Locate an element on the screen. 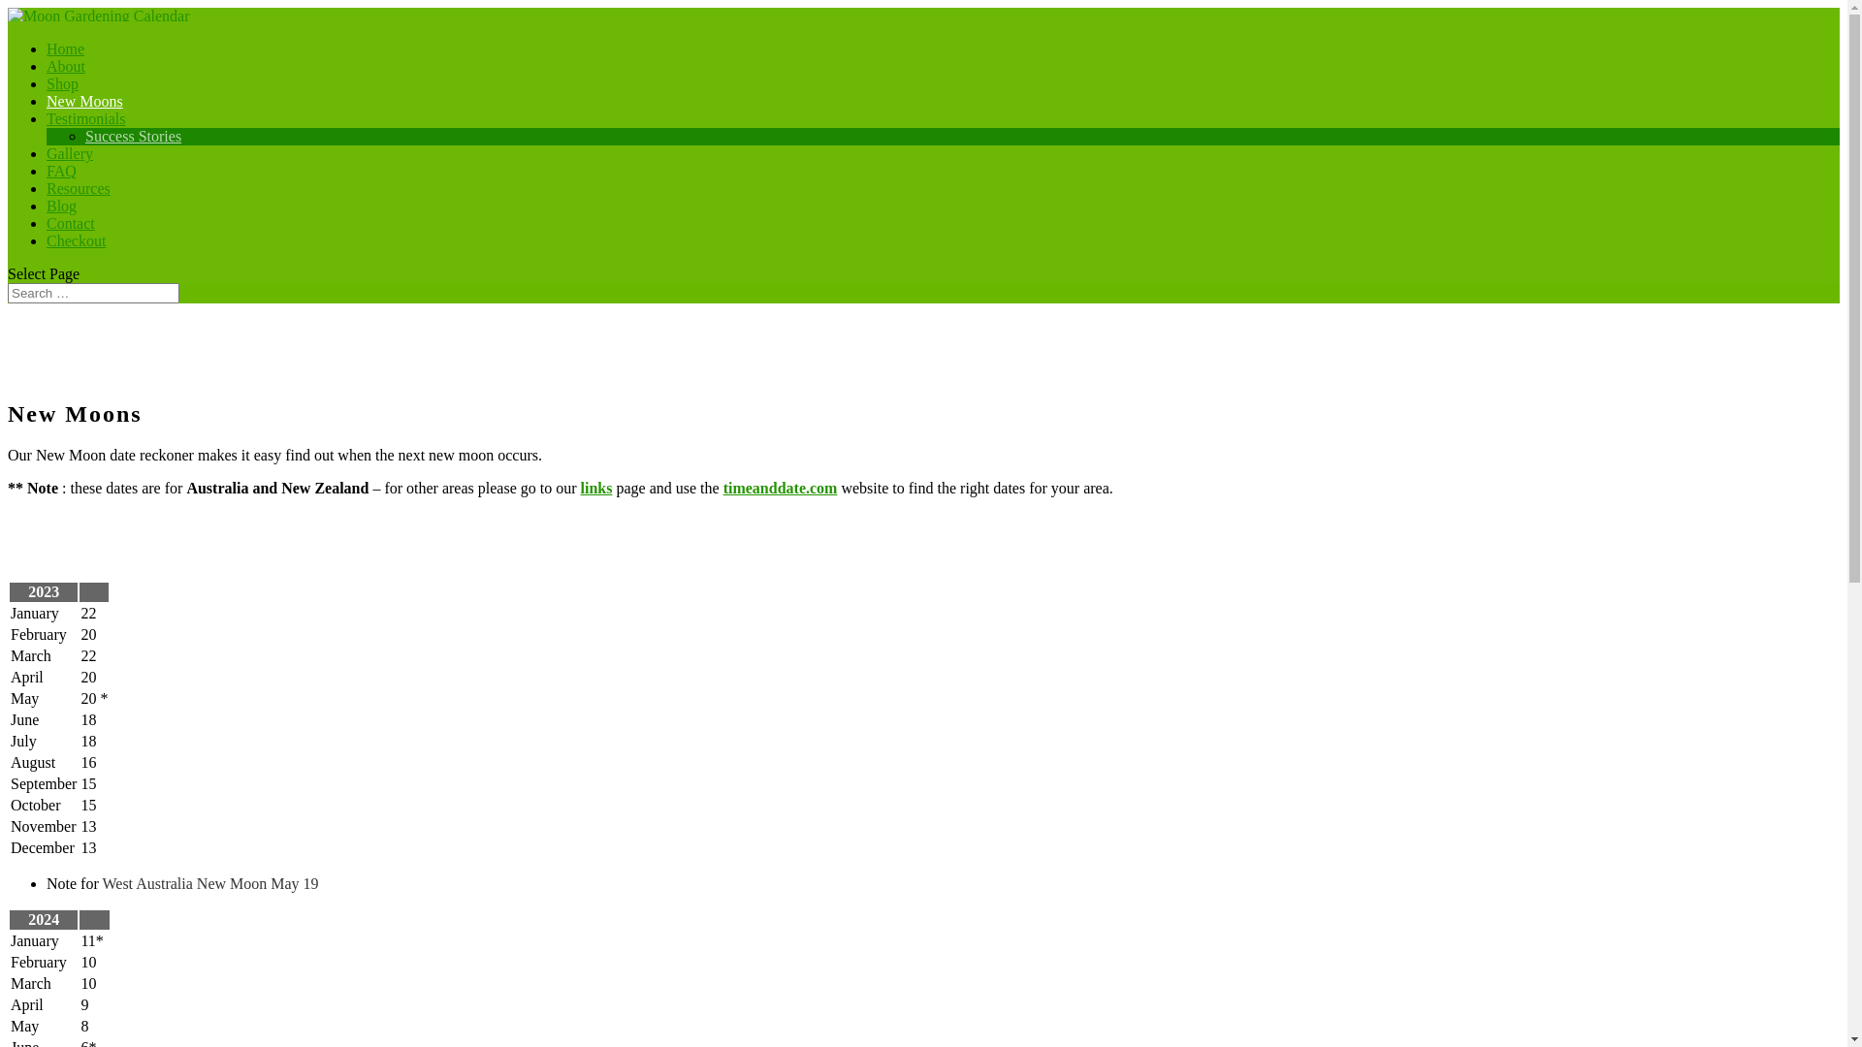  'links' is located at coordinates (595, 487).